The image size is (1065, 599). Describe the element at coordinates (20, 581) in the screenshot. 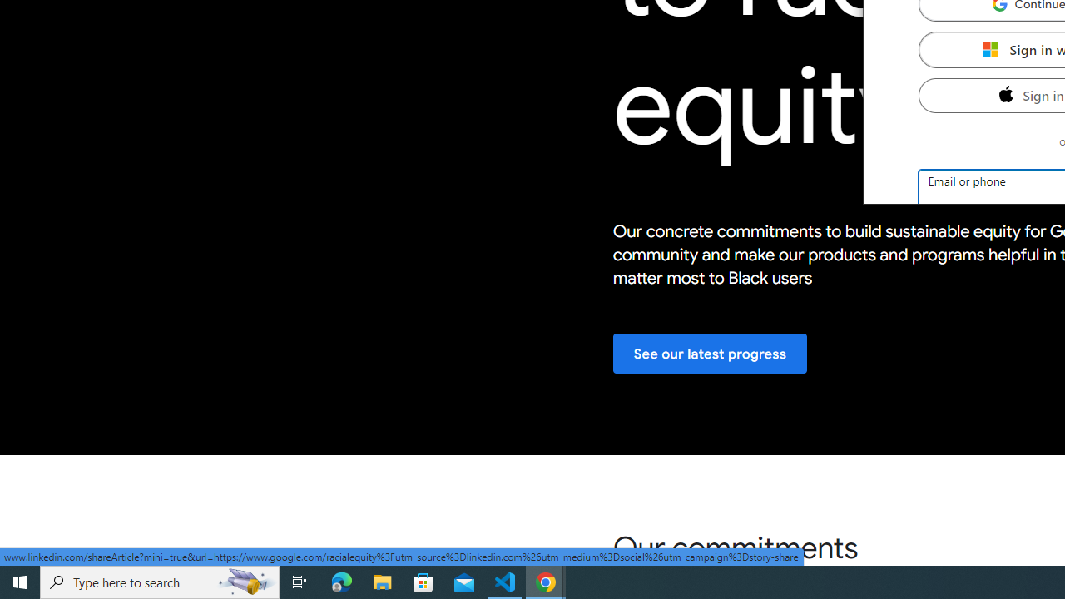

I see `'Start'` at that location.